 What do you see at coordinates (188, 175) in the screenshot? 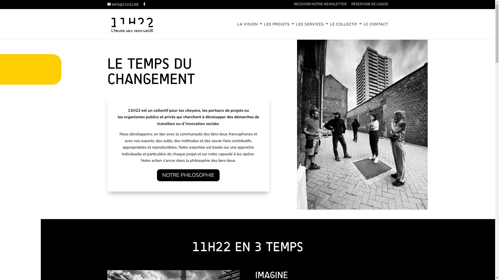
I see `'NOTRE PHILOSOPHIE'` at bounding box center [188, 175].